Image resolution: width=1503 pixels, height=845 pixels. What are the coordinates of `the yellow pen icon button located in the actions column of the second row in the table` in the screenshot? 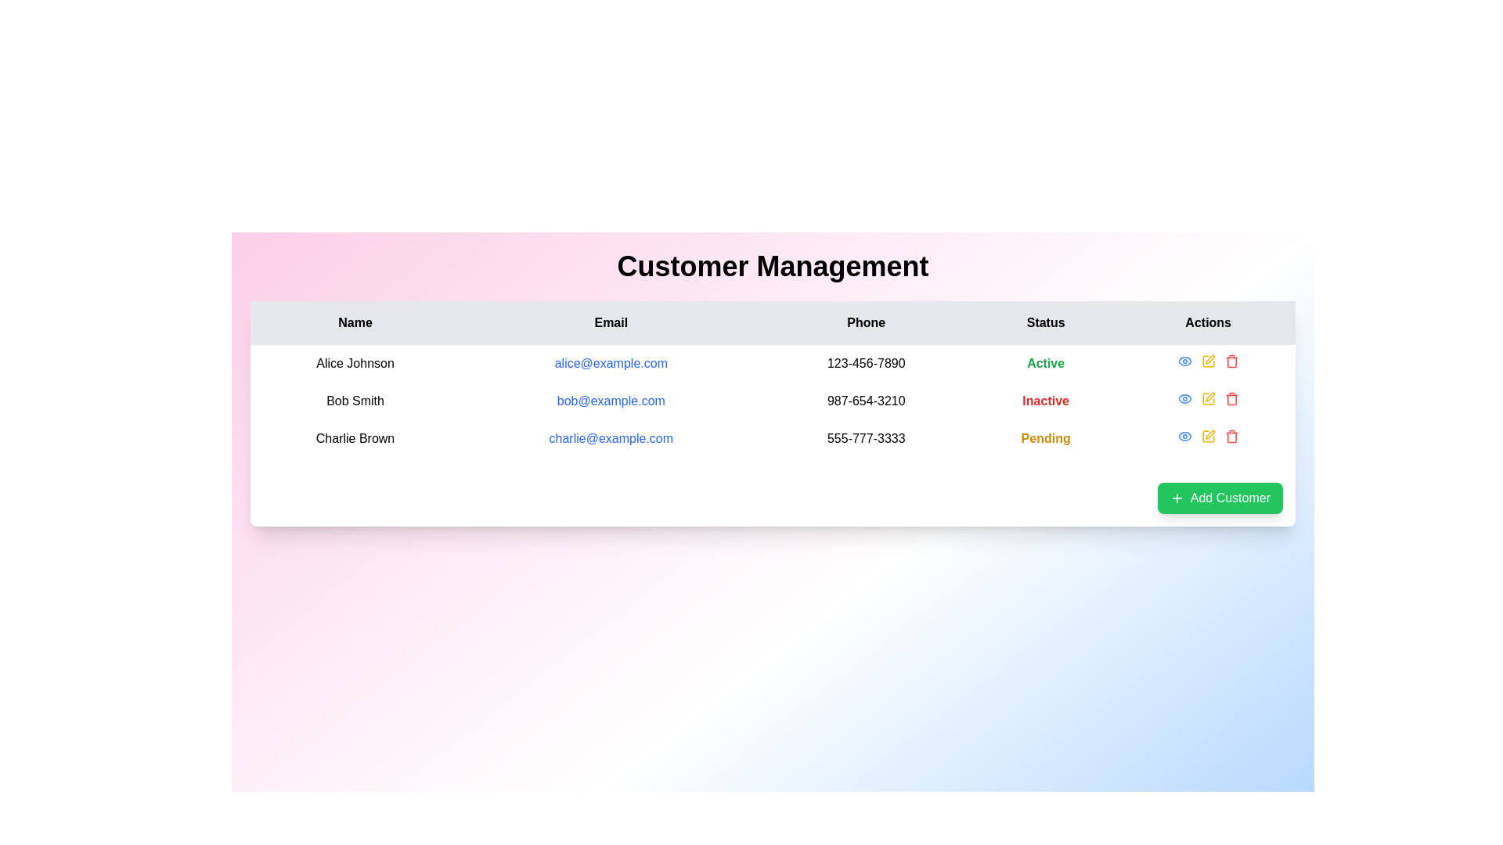 It's located at (1207, 397).